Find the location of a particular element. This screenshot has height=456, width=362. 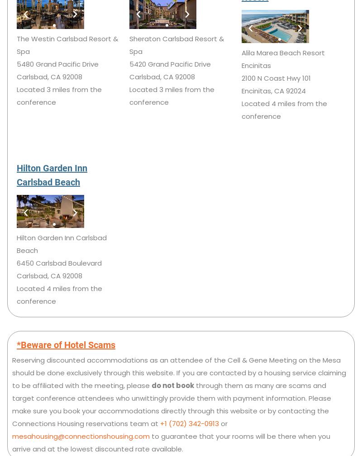

'Alila Marea Beach Resort Encinitas' is located at coordinates (283, 58).